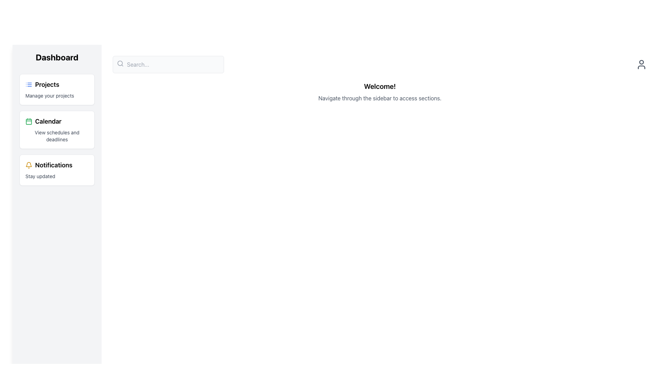 This screenshot has height=375, width=668. I want to click on the user profile icon, which is a minimalistic gray outline of a person located at the top-right corner of the header section, so click(641, 64).